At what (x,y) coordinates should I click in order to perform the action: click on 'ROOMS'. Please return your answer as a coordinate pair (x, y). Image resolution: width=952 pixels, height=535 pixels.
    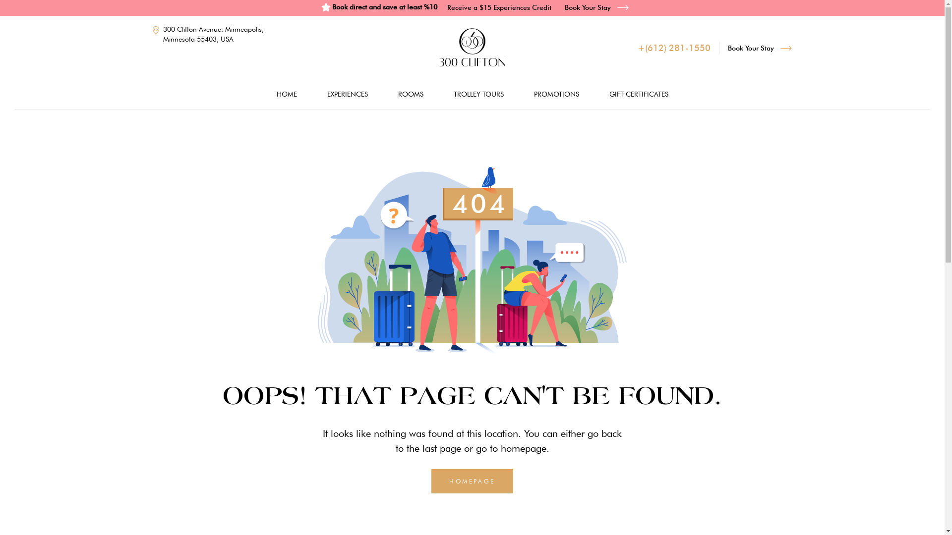
    Looking at the image, I should click on (410, 94).